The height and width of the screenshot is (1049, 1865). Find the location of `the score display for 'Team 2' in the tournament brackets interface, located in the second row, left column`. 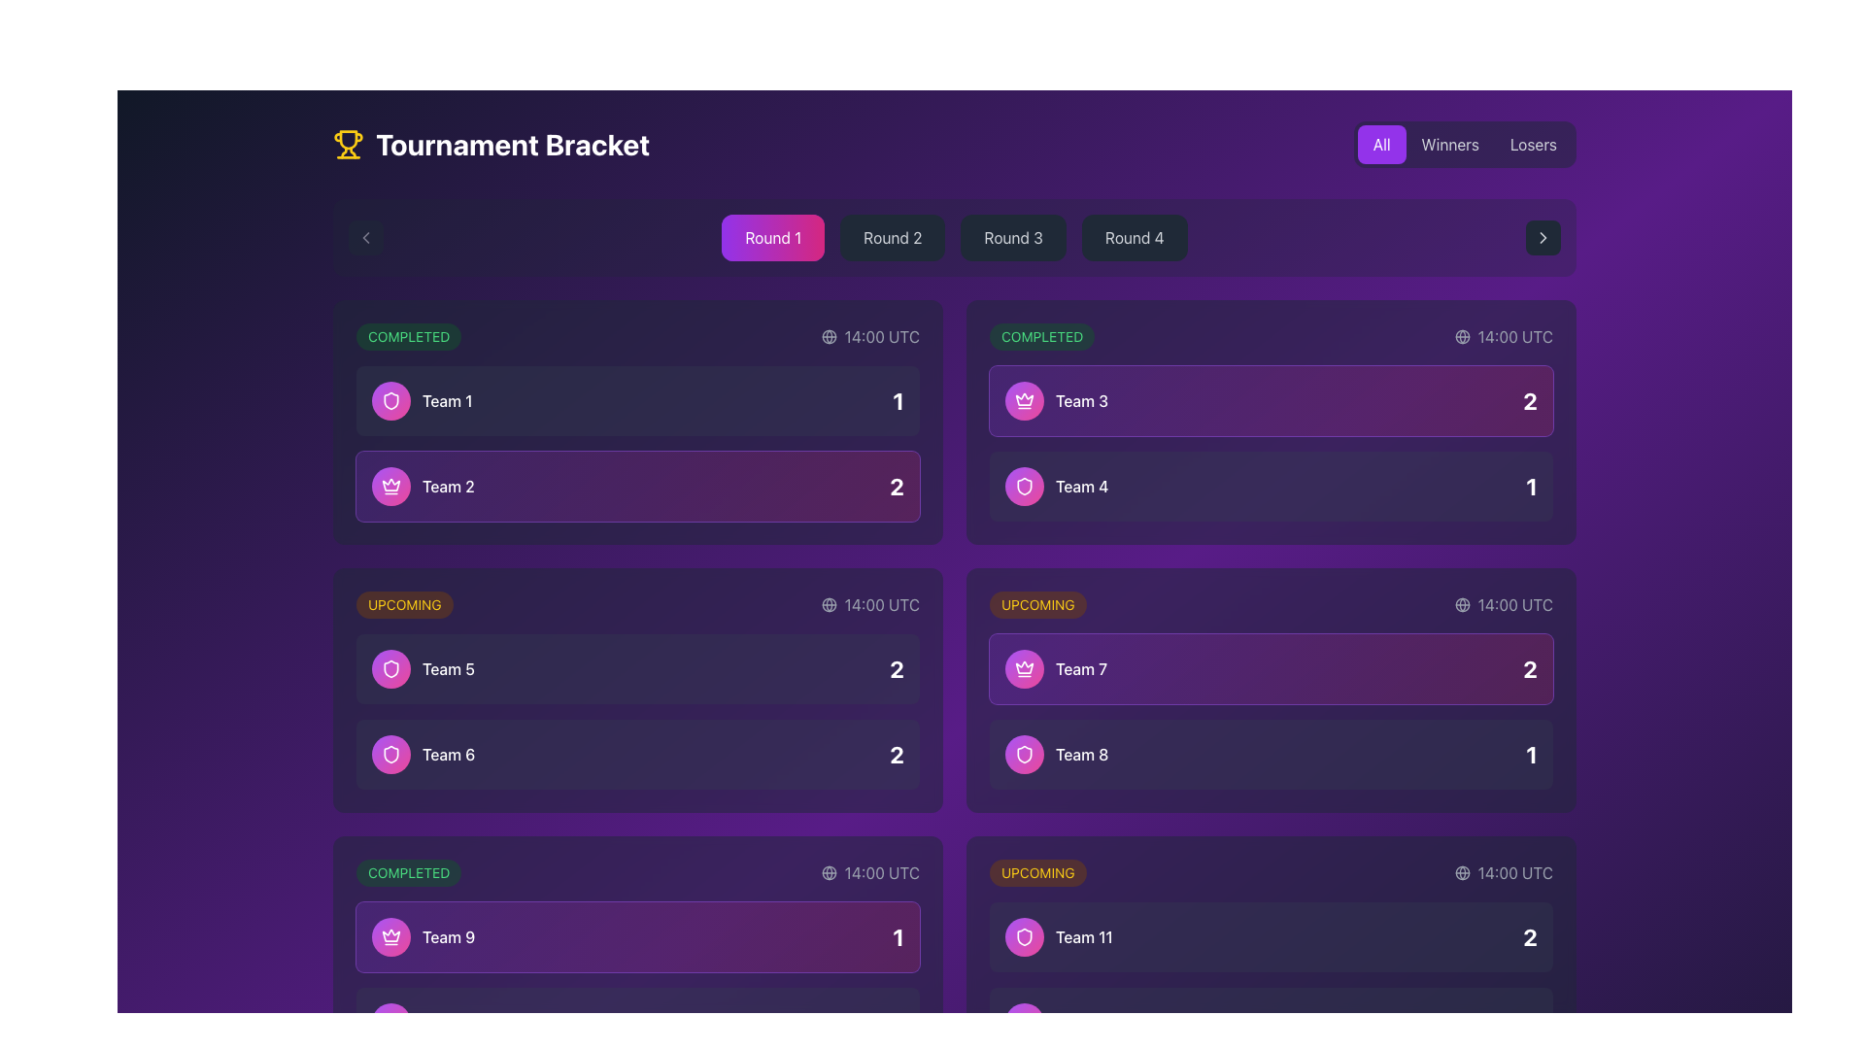

the score display for 'Team 2' in the tournament brackets interface, located in the second row, left column is located at coordinates (896, 486).